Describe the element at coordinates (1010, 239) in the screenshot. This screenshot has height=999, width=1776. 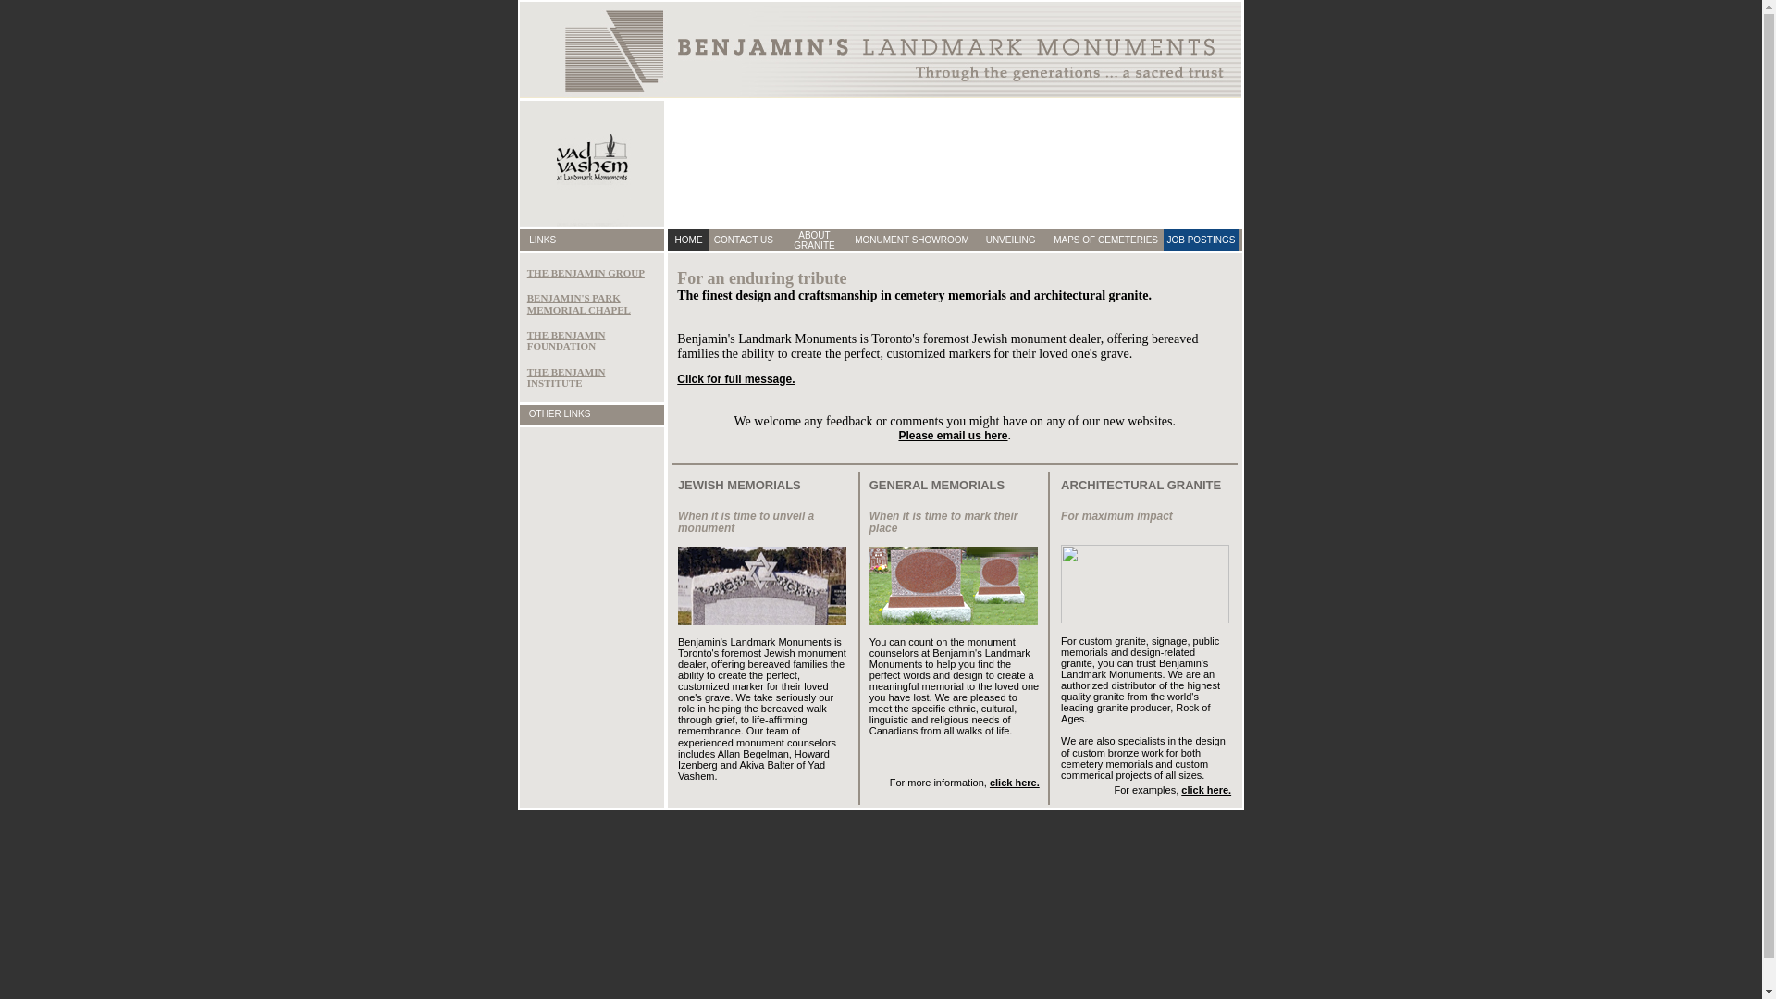
I see `'UNVEILING'` at that location.